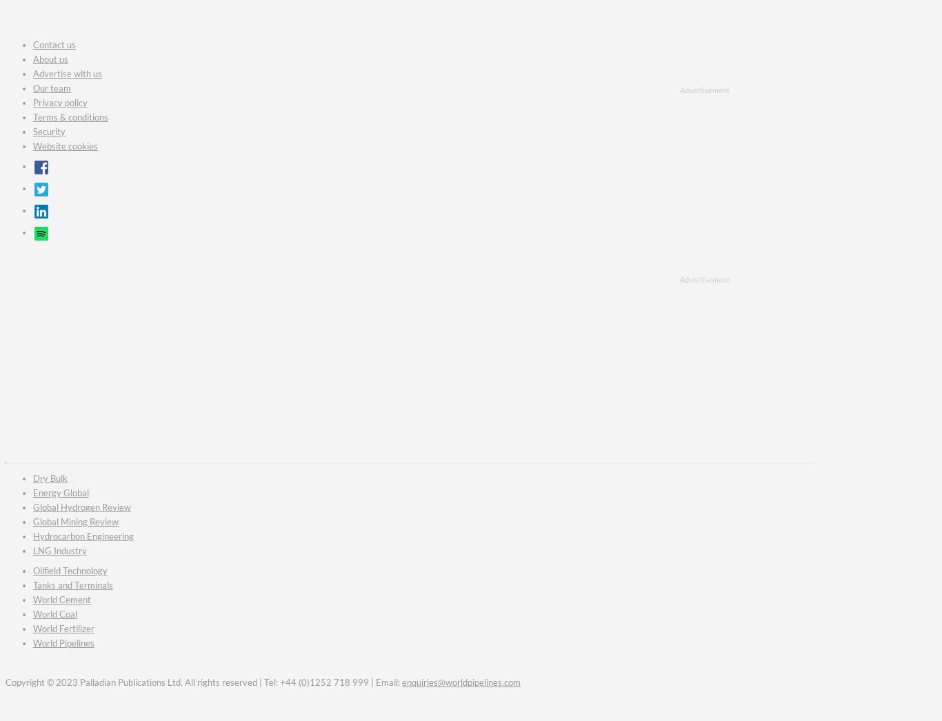  What do you see at coordinates (70, 116) in the screenshot?
I see `'Terms & conditions'` at bounding box center [70, 116].